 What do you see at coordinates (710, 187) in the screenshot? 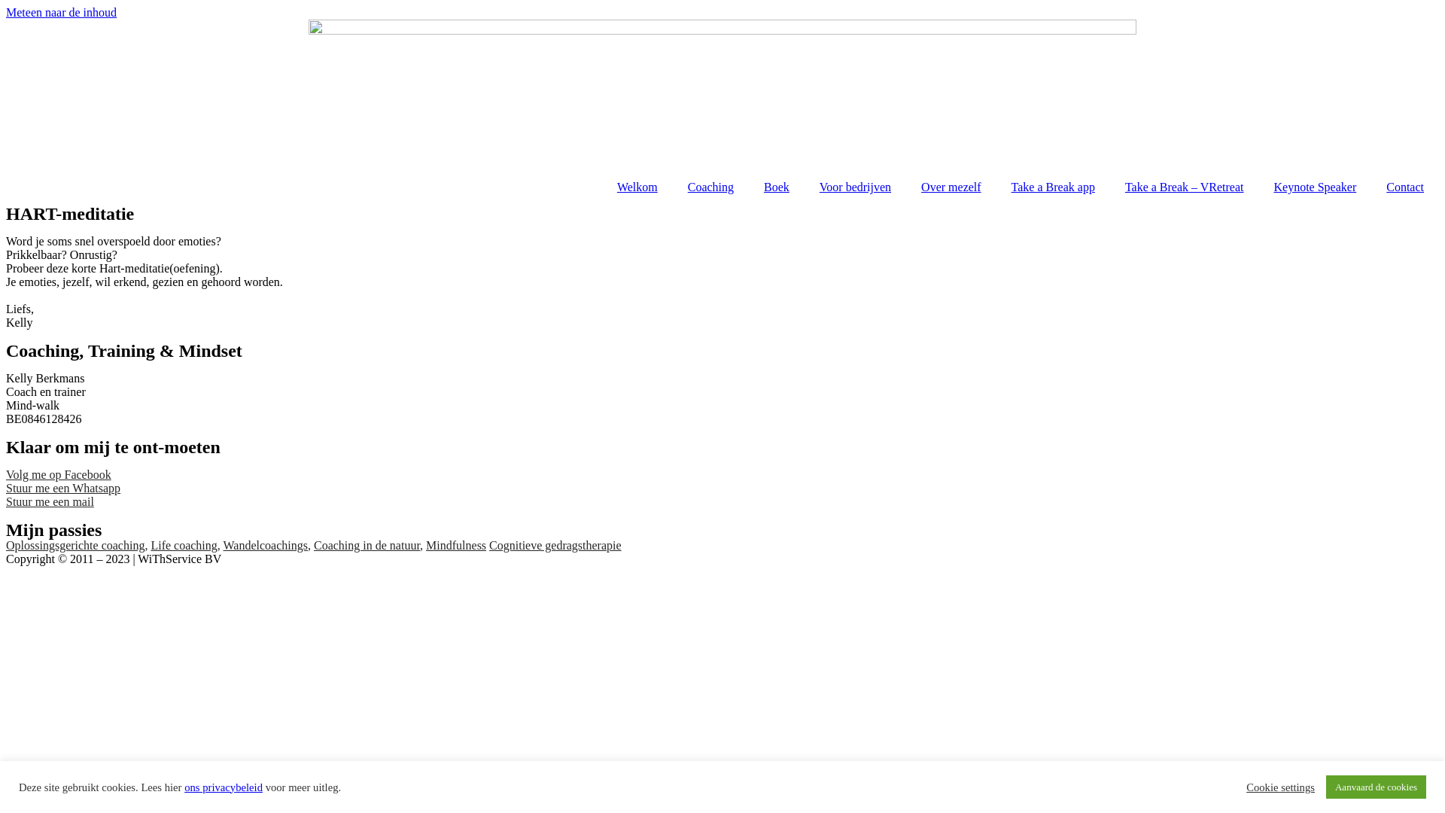
I see `'Coaching'` at bounding box center [710, 187].